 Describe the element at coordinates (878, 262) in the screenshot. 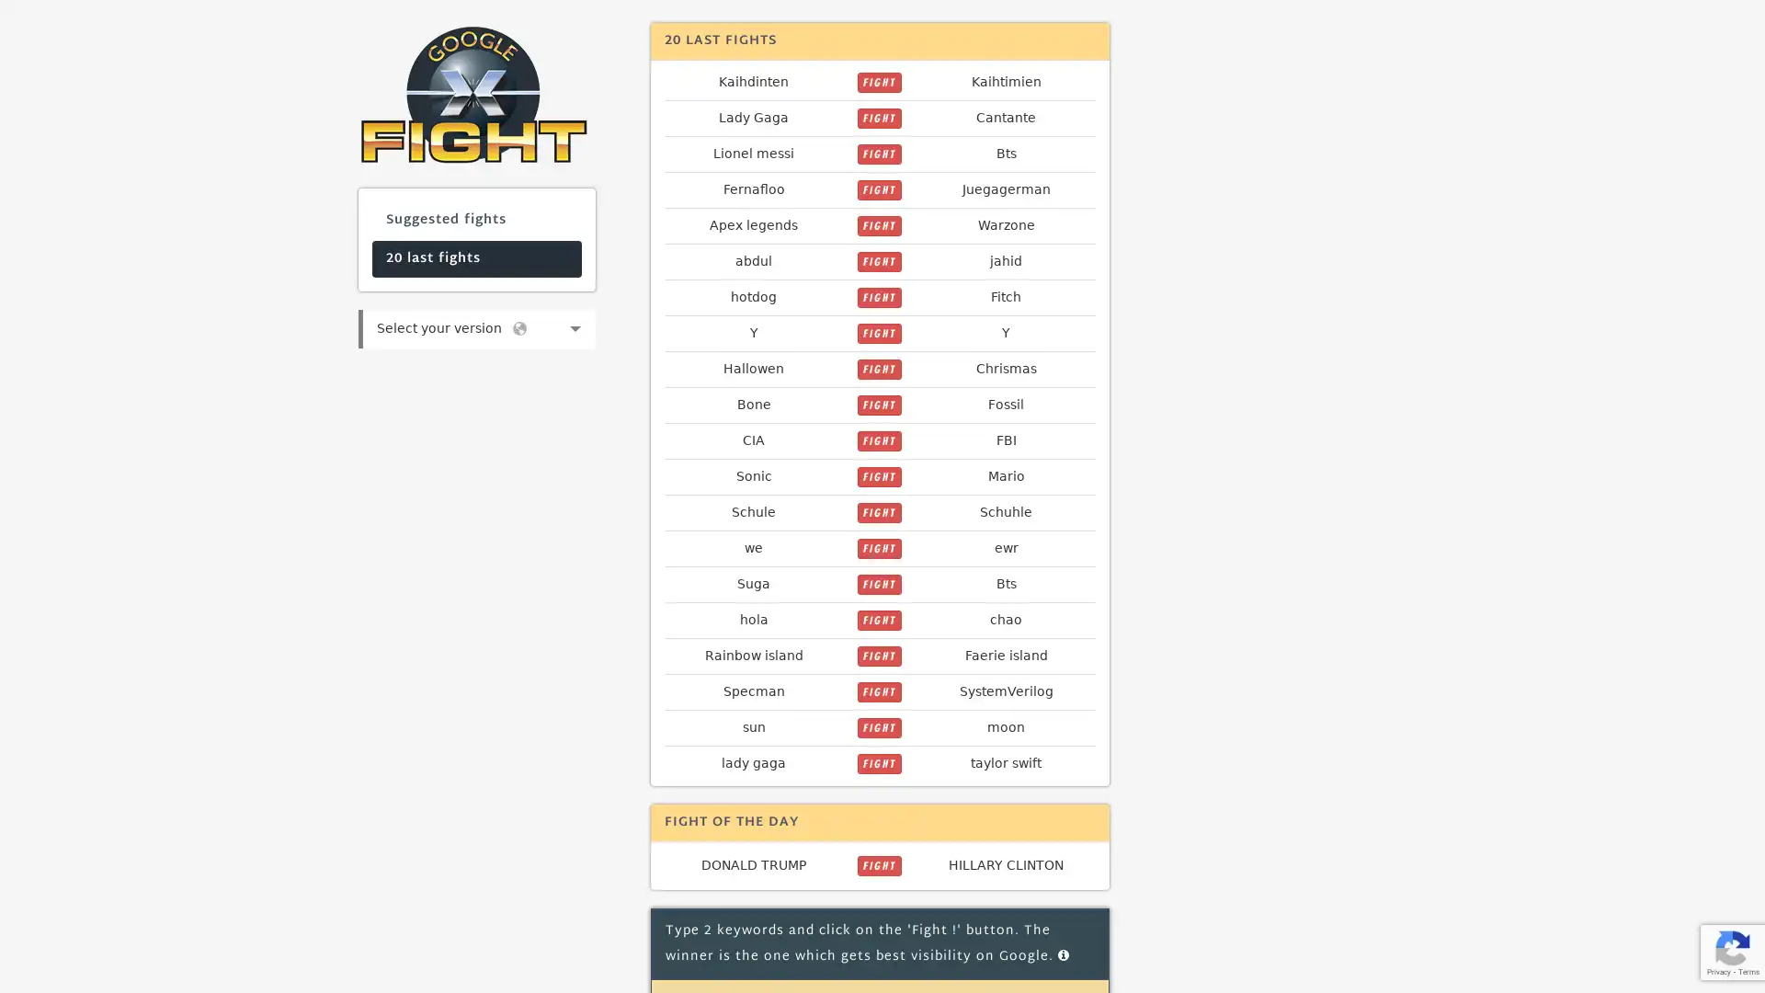

I see `FIGHT` at that location.